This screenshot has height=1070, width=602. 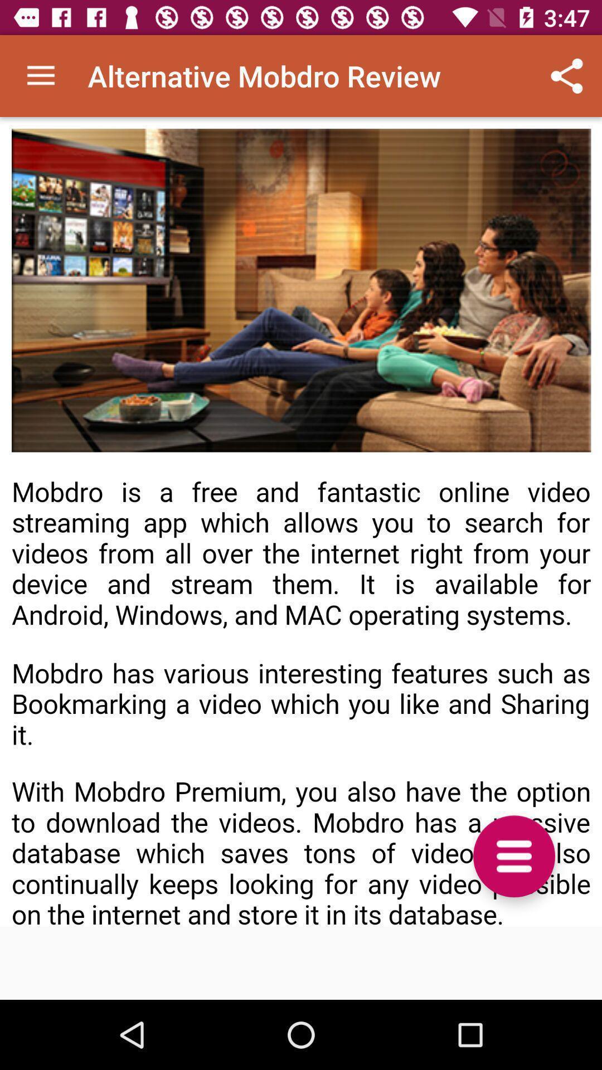 What do you see at coordinates (514, 855) in the screenshot?
I see `more options` at bounding box center [514, 855].